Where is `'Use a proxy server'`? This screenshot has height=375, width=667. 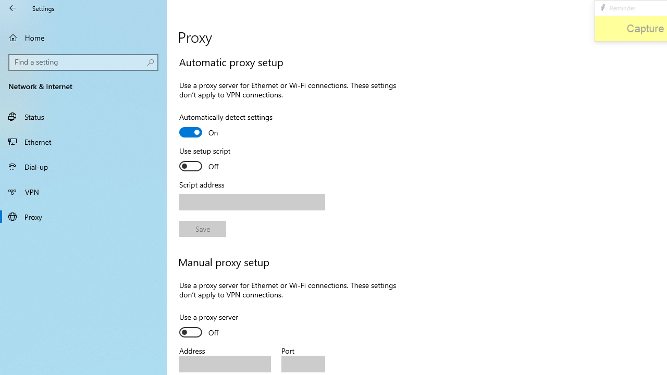 'Use a proxy server' is located at coordinates (217, 326).